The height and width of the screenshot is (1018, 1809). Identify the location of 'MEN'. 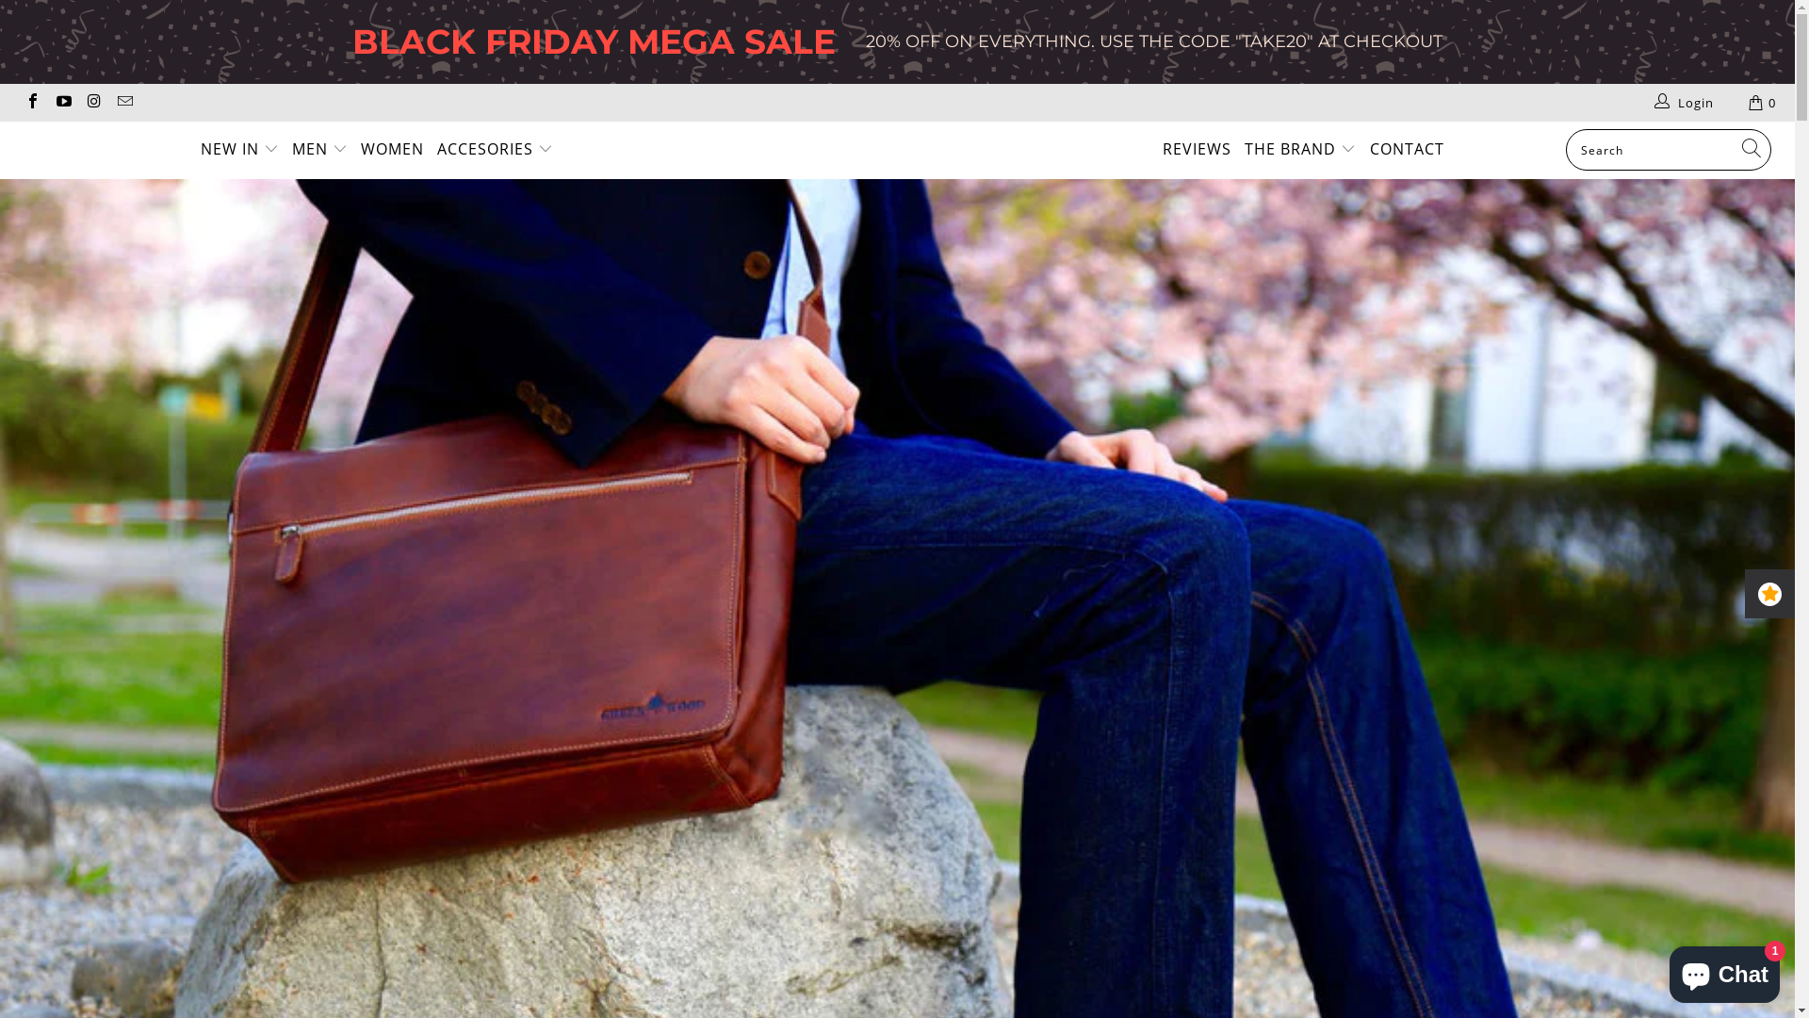
(319, 148).